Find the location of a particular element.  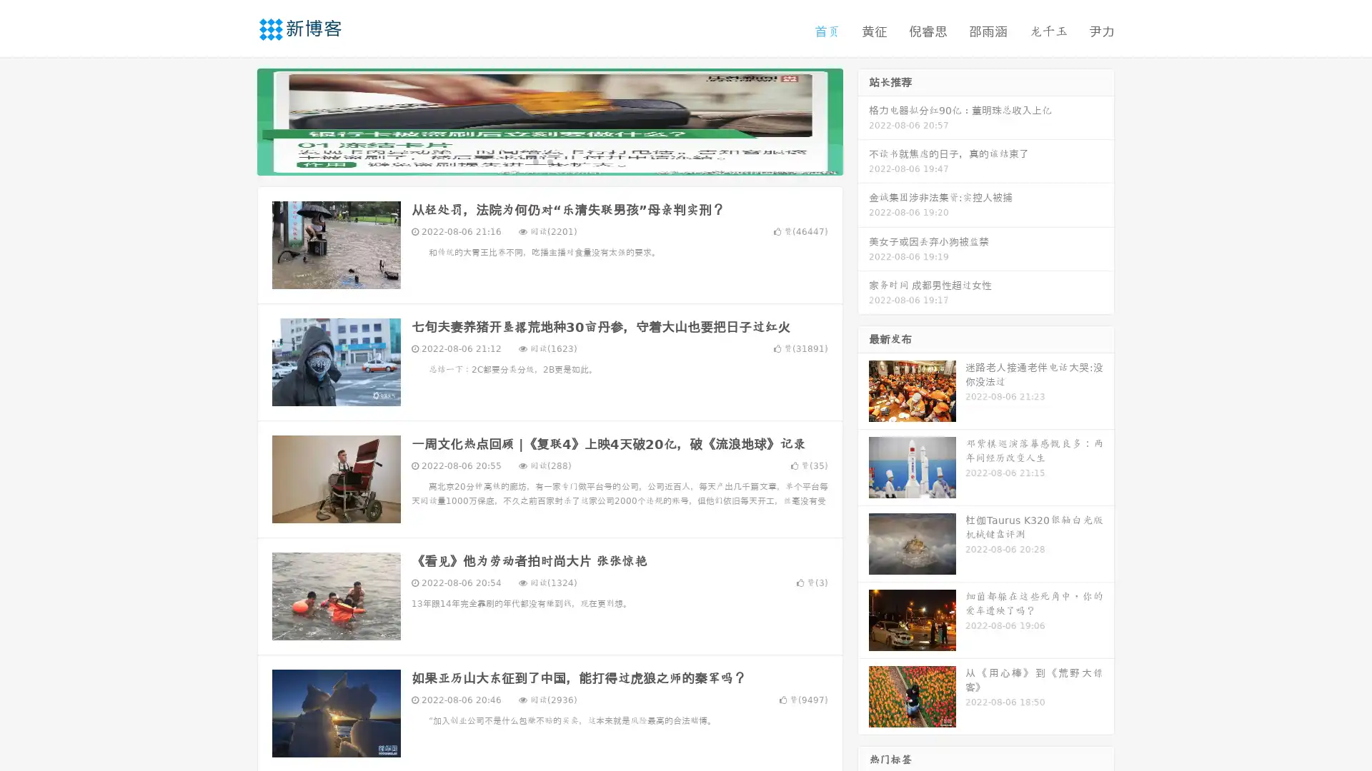

Previous slide is located at coordinates (236, 120).